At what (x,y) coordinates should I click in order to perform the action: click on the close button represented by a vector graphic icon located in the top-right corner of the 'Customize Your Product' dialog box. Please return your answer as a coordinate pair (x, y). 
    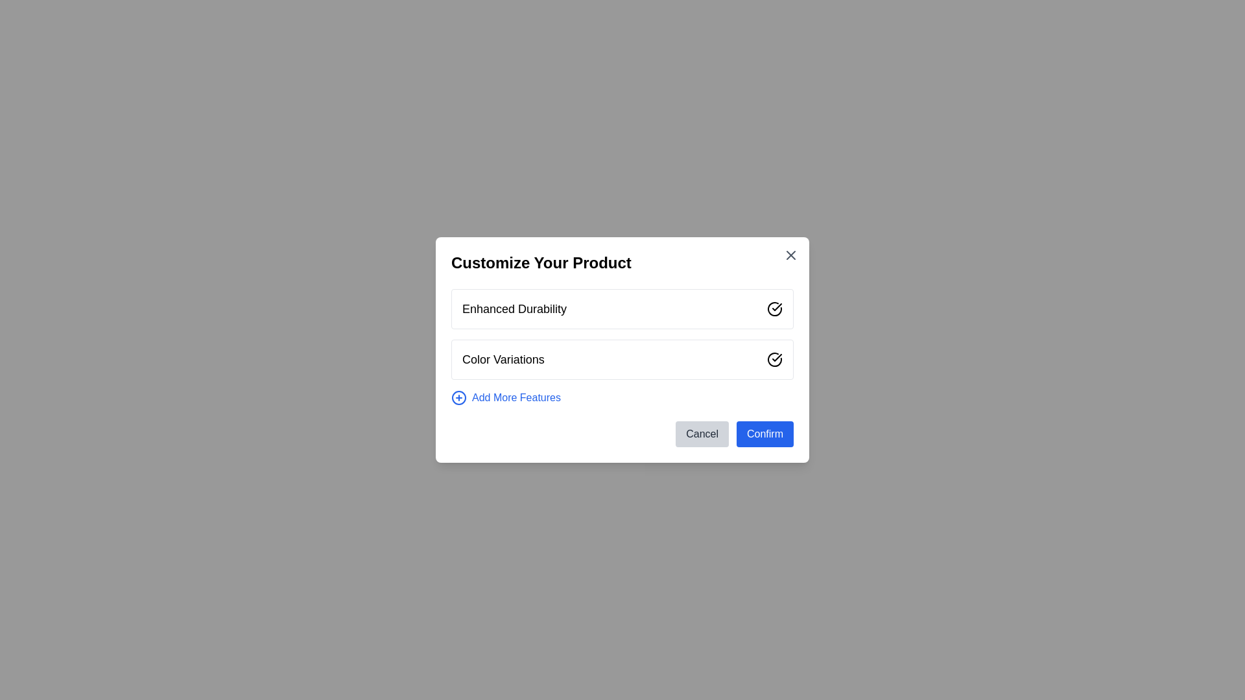
    Looking at the image, I should click on (790, 255).